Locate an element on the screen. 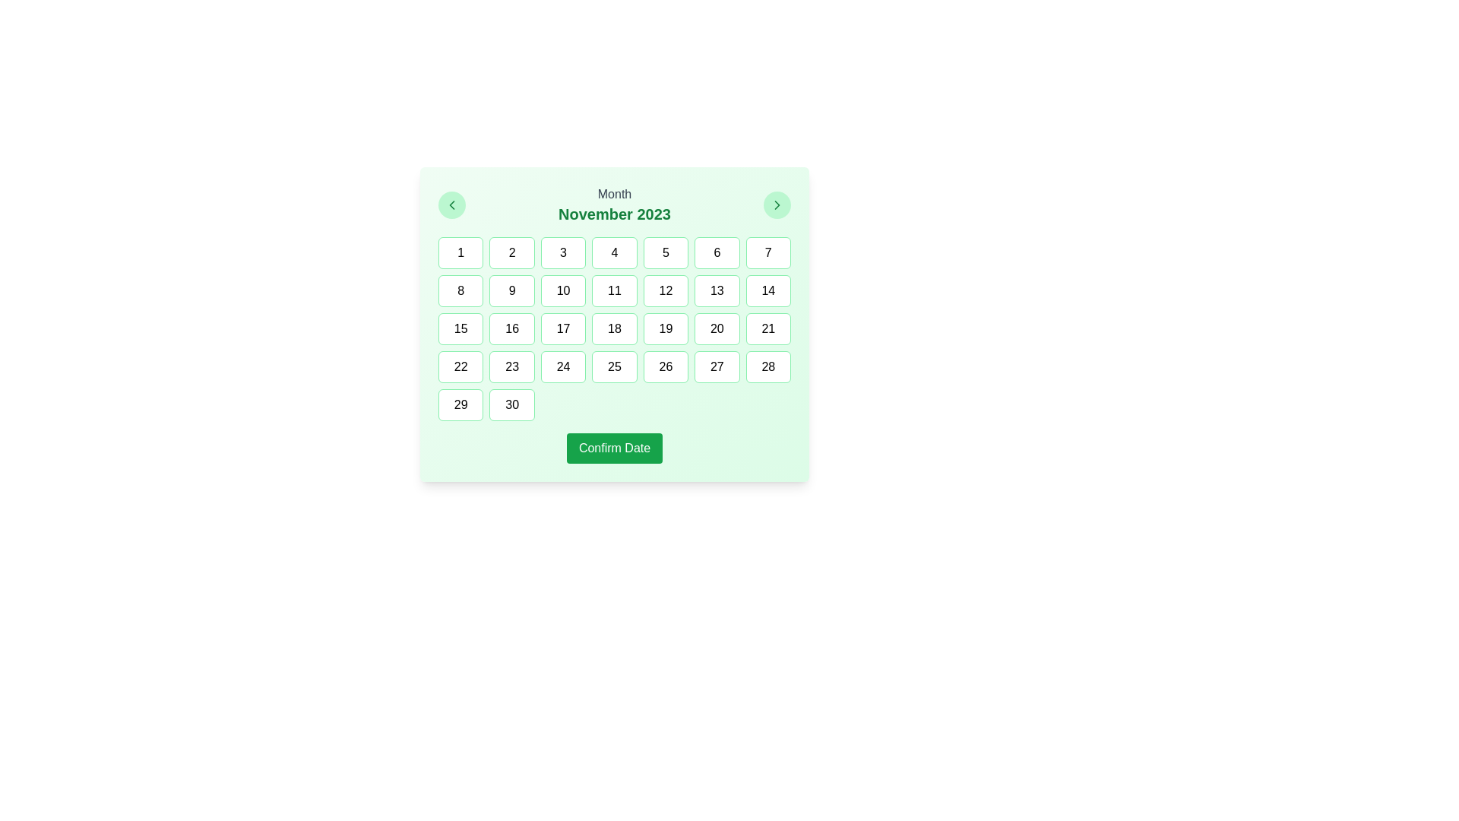 The width and height of the screenshot is (1459, 821). the button representing the date '11' in the calendar interface is located at coordinates (614, 290).